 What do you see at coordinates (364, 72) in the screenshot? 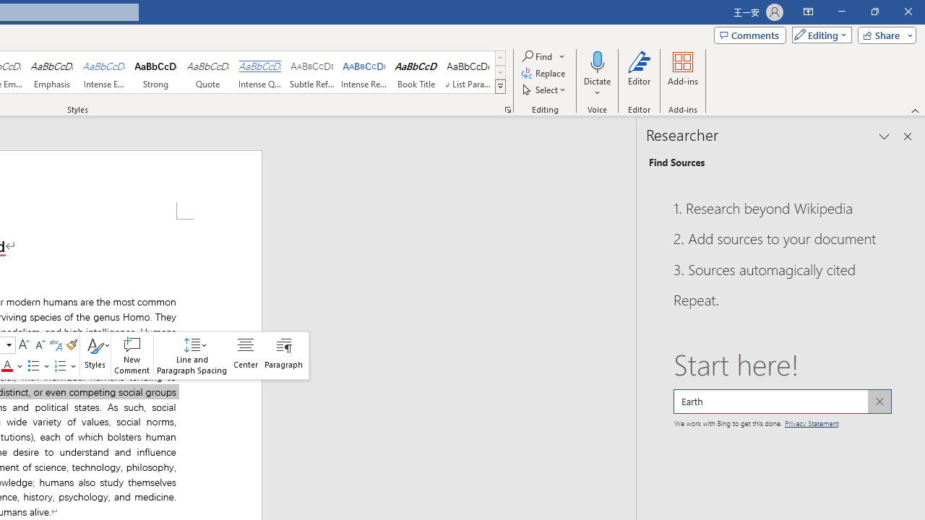
I see `'Intense Reference'` at bounding box center [364, 72].